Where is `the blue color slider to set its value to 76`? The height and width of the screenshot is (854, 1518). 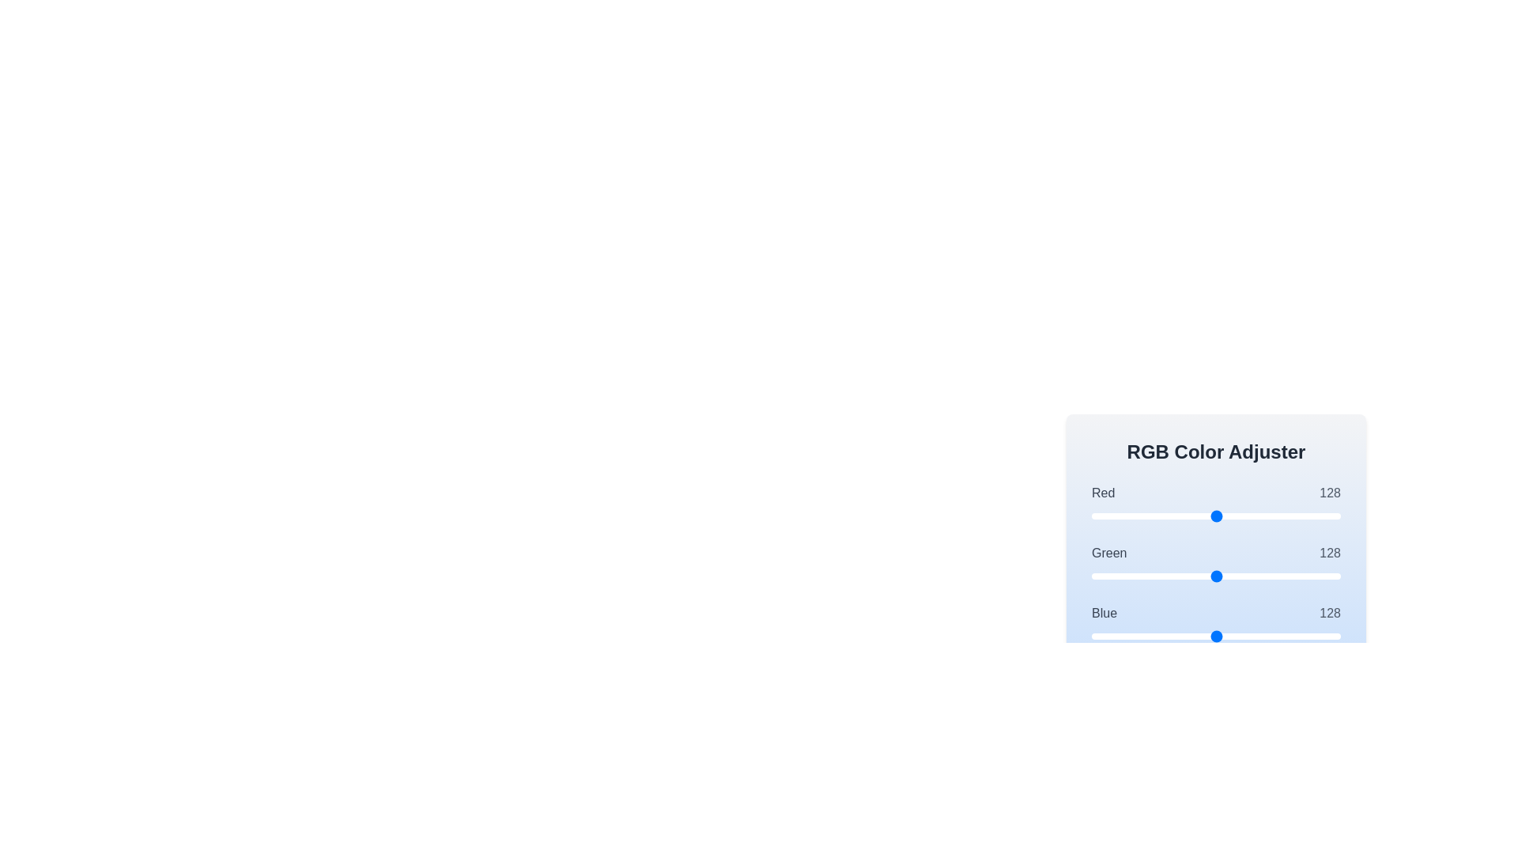 the blue color slider to set its value to 76 is located at coordinates (1165, 636).